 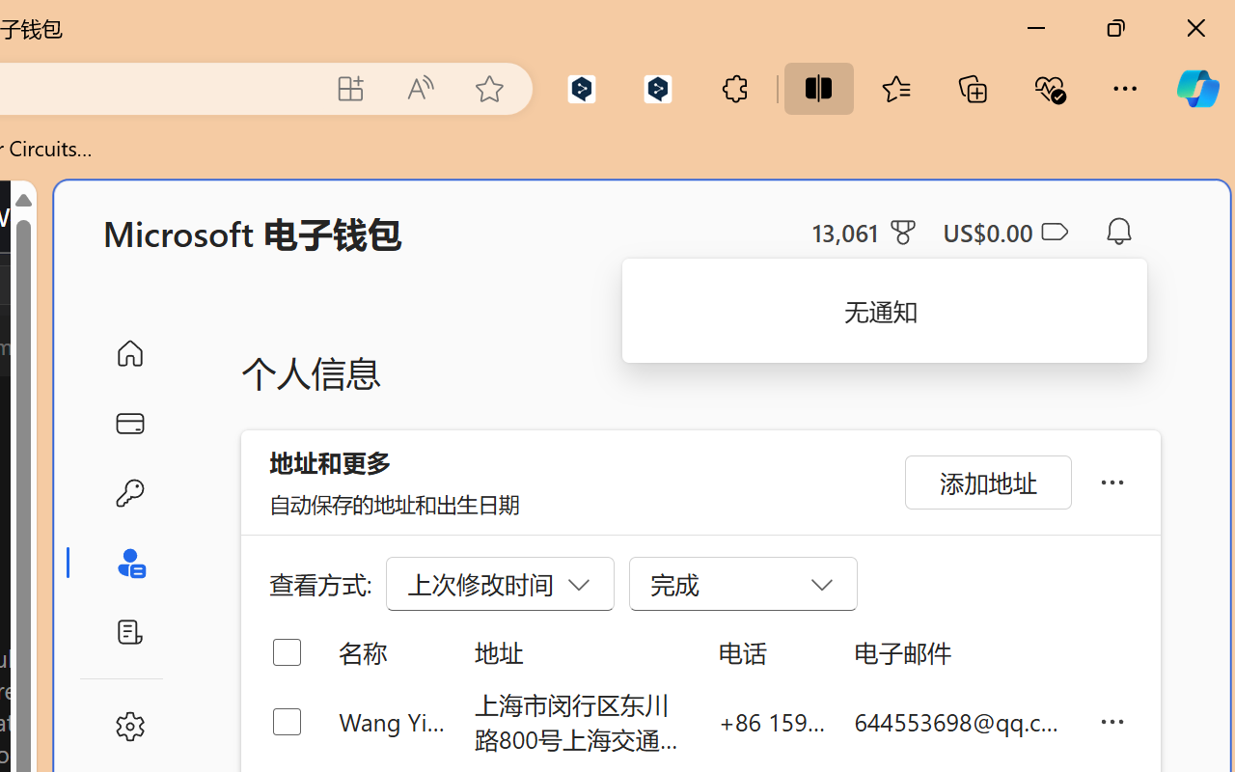 I want to click on 'Wang Yian', so click(x=391, y=721).